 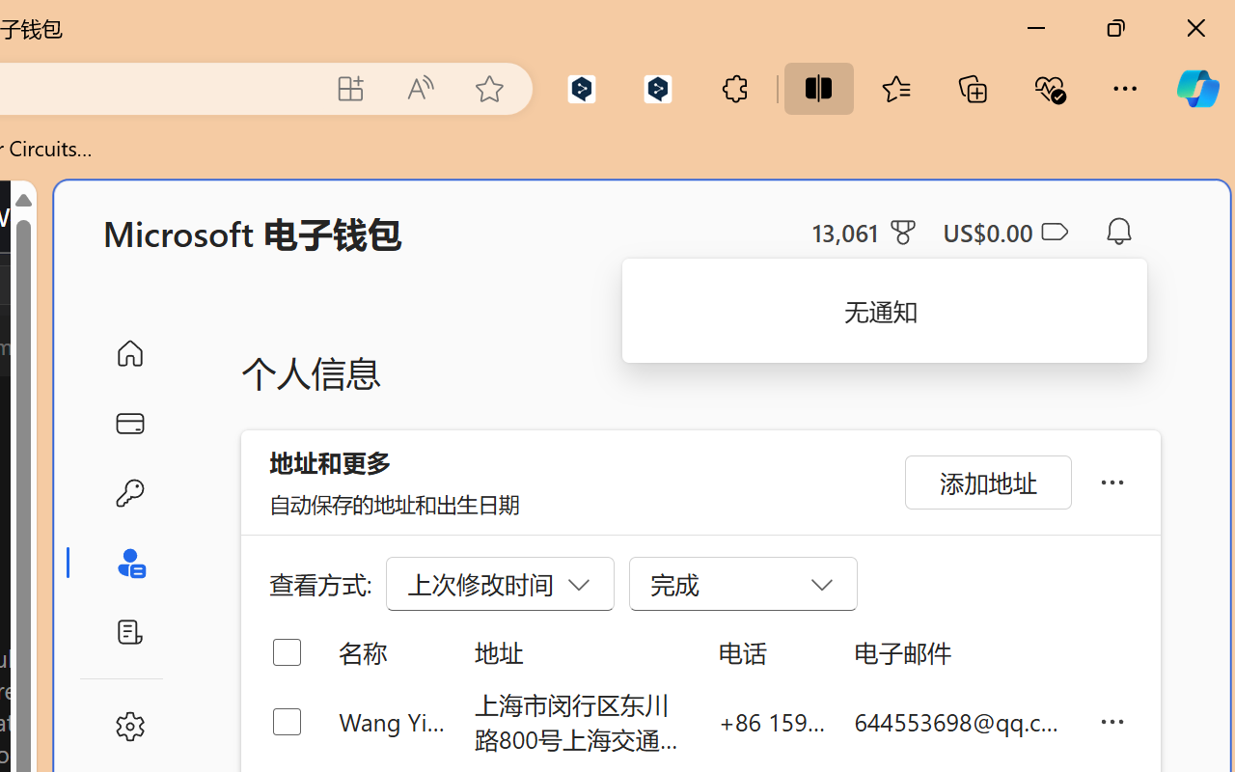 I want to click on 'Wang Yian', so click(x=391, y=721).